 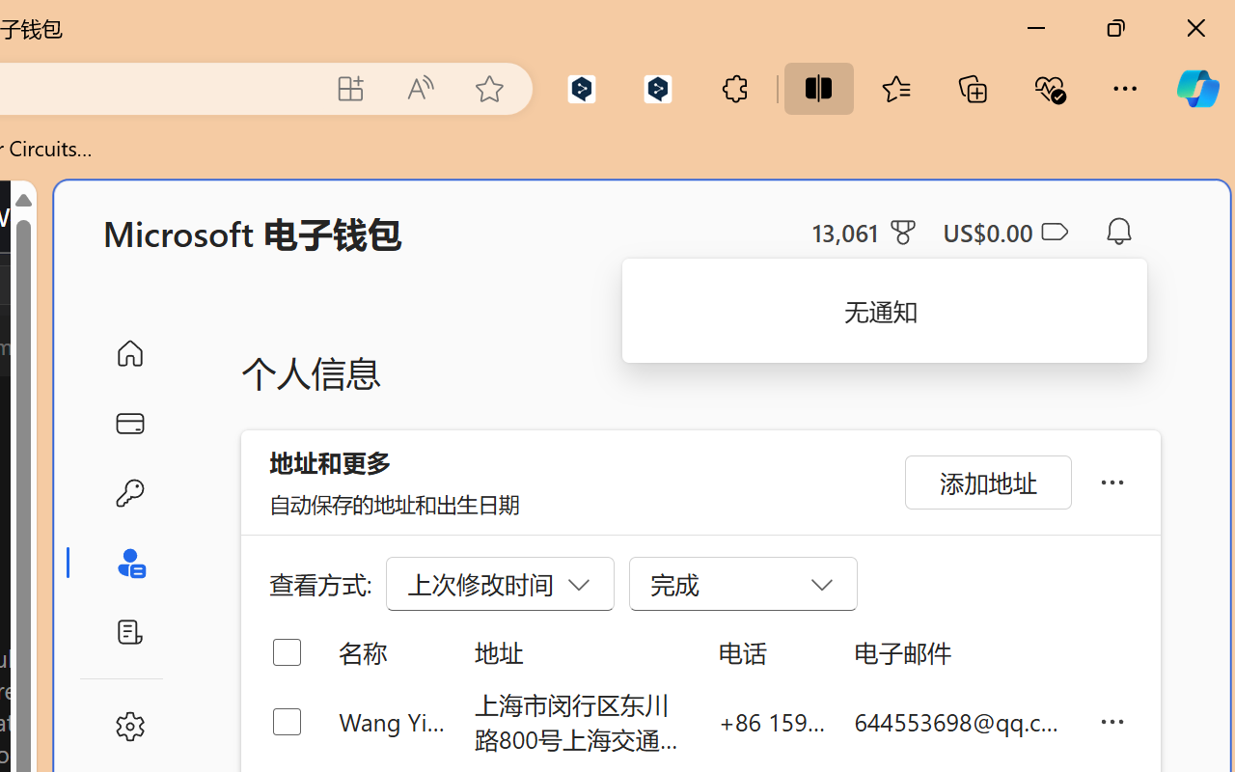 I want to click on 'Wang Yian', so click(x=391, y=721).